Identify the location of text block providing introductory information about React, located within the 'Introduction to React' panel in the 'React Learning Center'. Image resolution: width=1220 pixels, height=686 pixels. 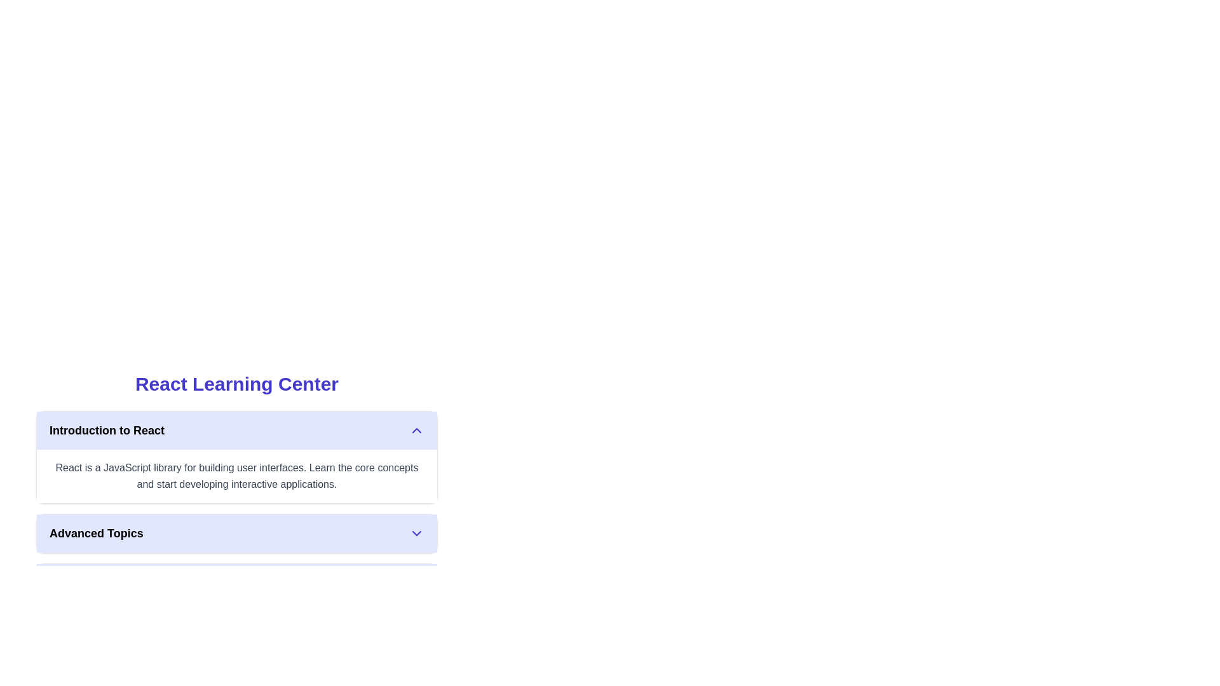
(237, 476).